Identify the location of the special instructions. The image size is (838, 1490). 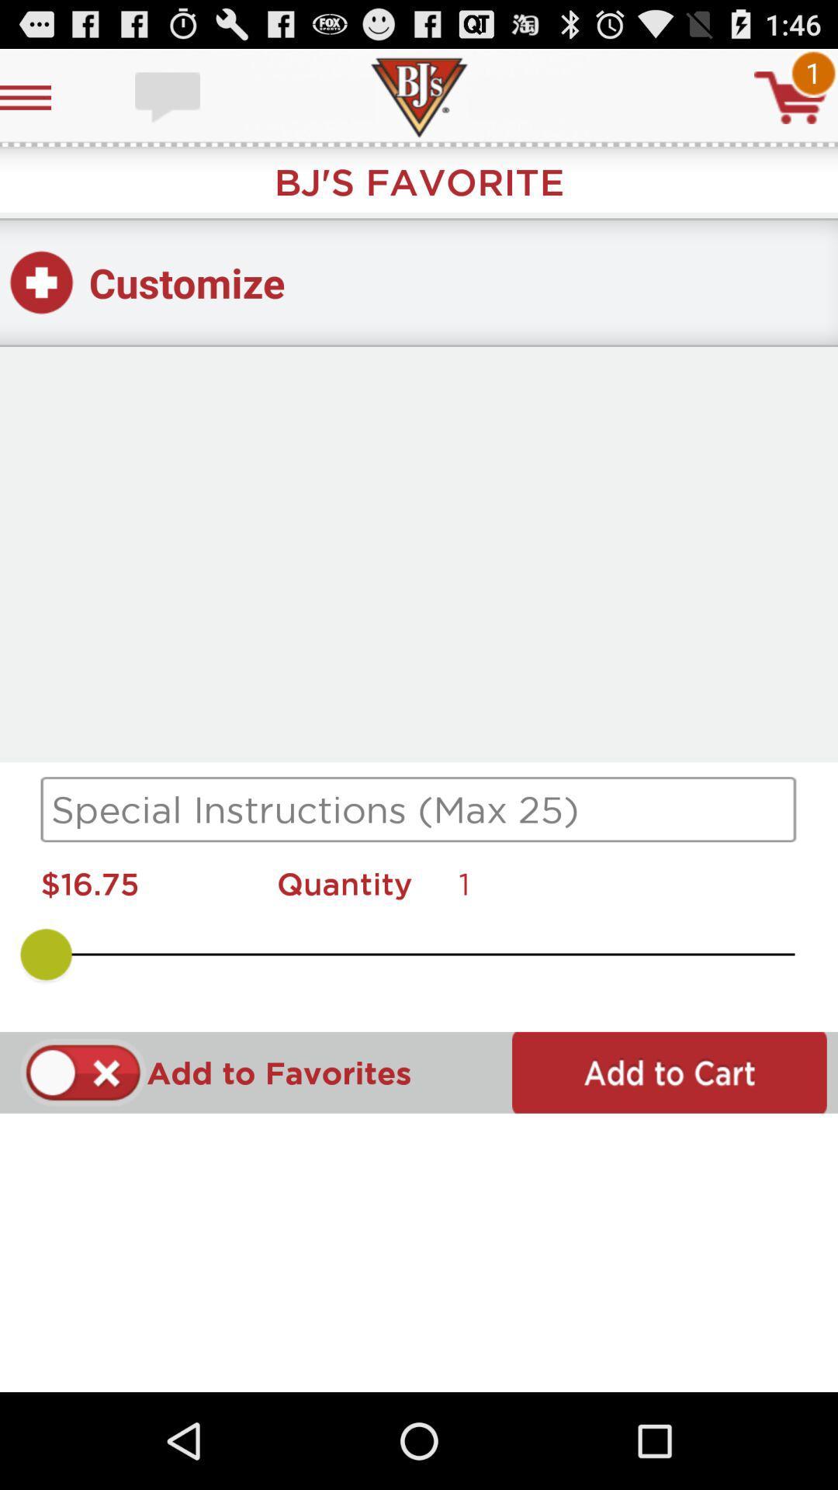
(419, 809).